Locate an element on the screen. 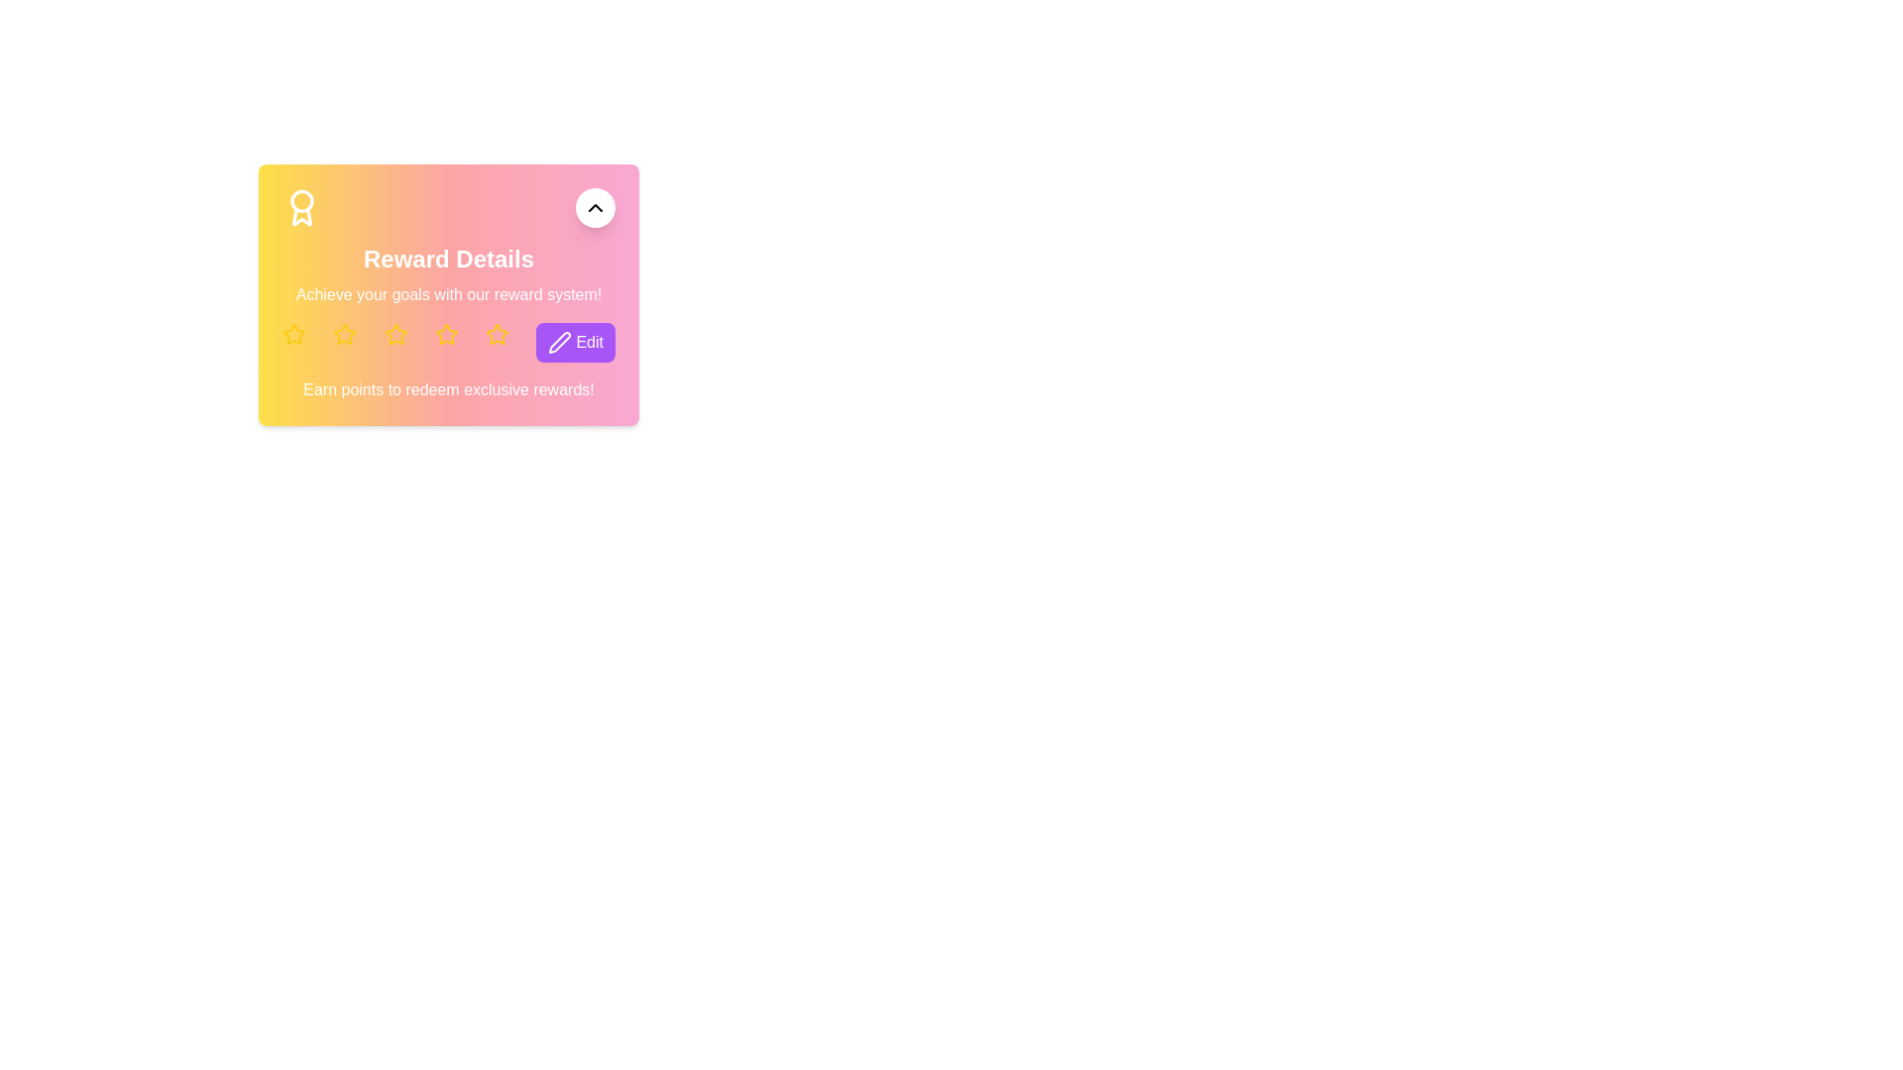  the fifth star icon in the horizontal row of yellow star icons within the 'Reward Details' box to interact with the rating system is located at coordinates (498, 334).